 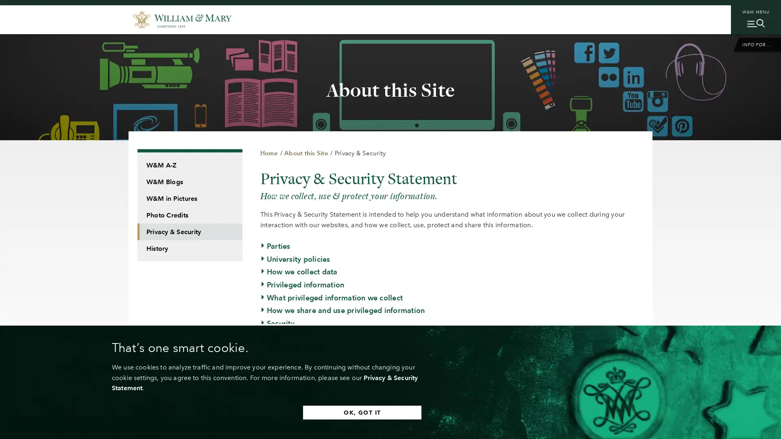 I want to click on Changes to our privacy & security policy statement, so click(x=351, y=361).